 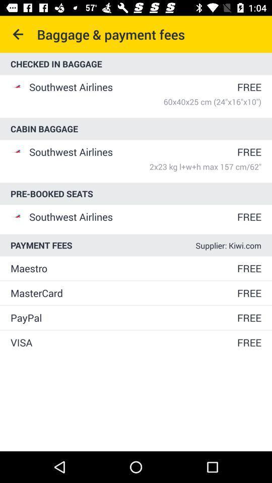 What do you see at coordinates (123, 268) in the screenshot?
I see `the item next to the free icon` at bounding box center [123, 268].